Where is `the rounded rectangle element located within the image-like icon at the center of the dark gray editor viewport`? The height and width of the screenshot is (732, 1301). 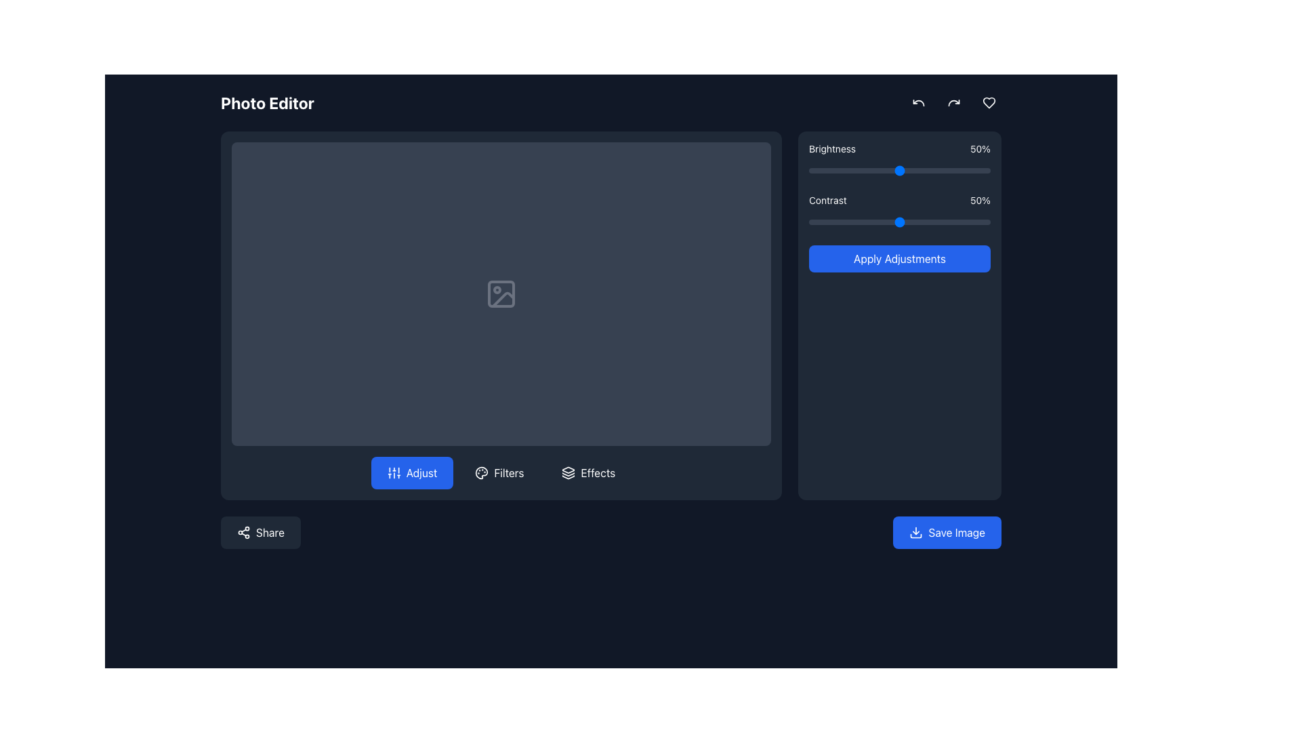
the rounded rectangle element located within the image-like icon at the center of the dark gray editor viewport is located at coordinates (500, 292).